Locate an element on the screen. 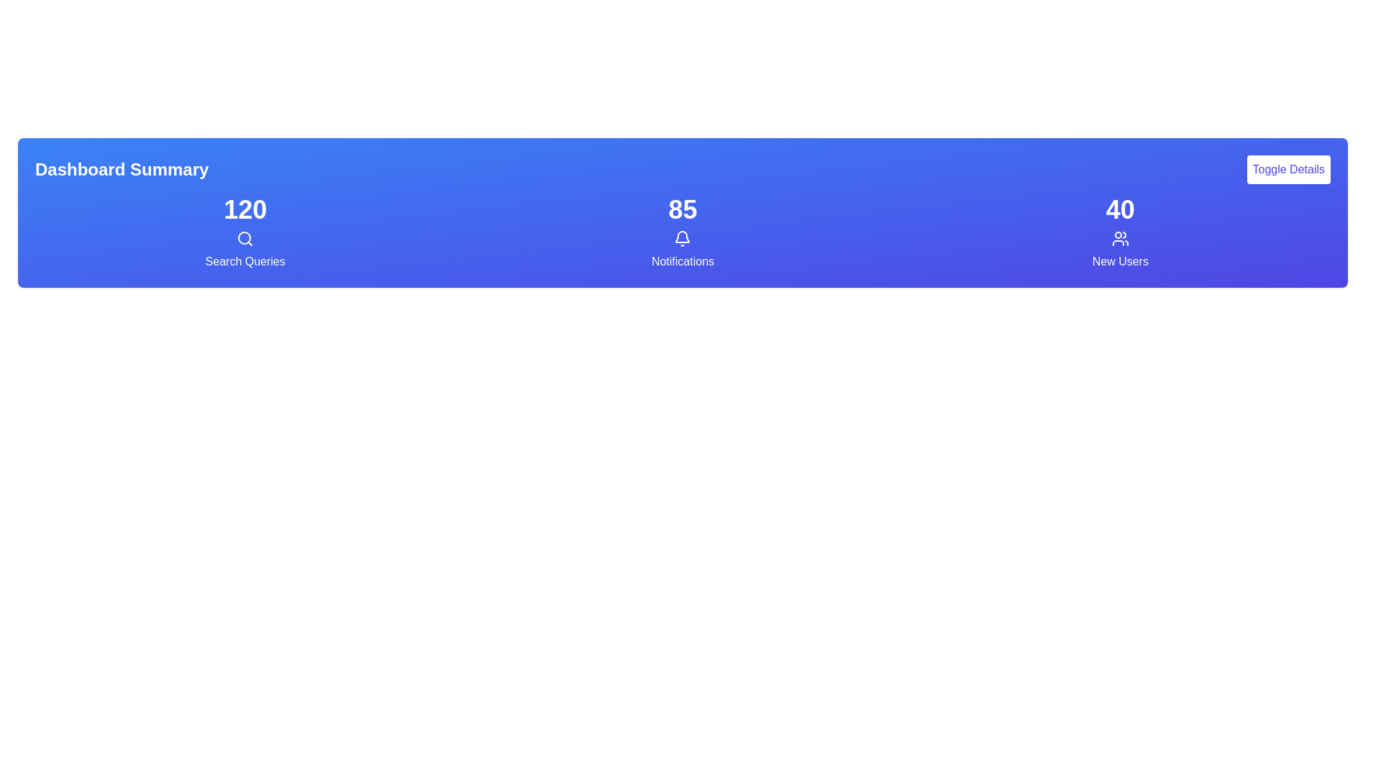  the 'New Users' information display element, which shows a bold numeric value '40', an icon representing users, and a text label 'New Users' on a blue background is located at coordinates (1119, 232).